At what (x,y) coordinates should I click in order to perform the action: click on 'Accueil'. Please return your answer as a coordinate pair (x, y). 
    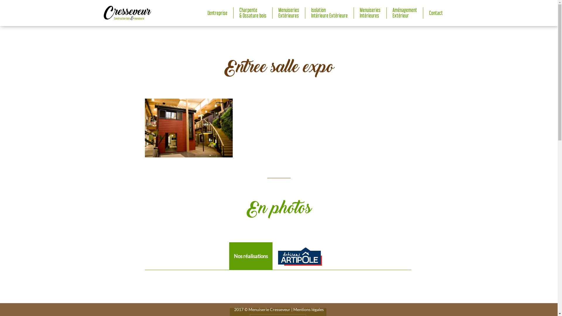
    Looking at the image, I should click on (127, 12).